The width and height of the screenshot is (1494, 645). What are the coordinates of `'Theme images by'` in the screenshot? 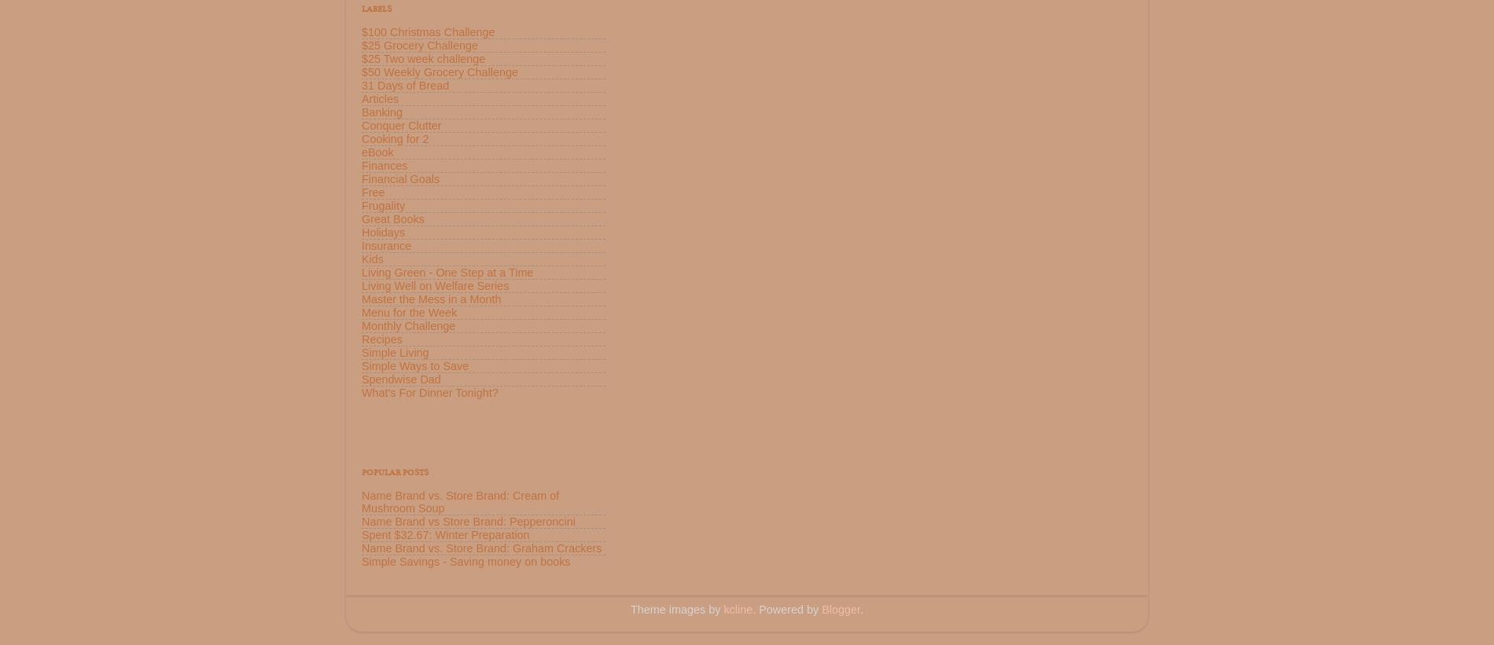 It's located at (676, 608).